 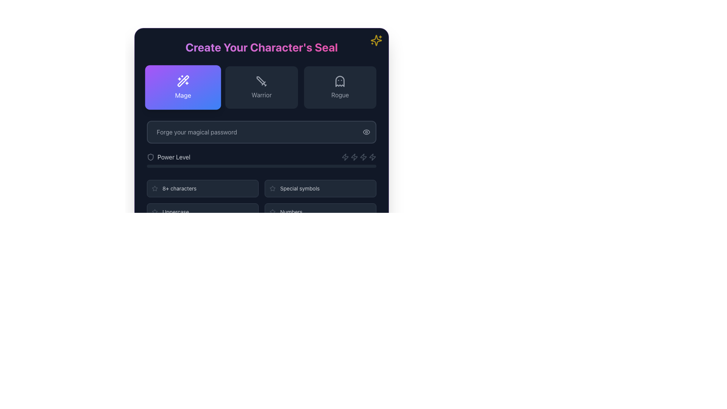 What do you see at coordinates (183, 87) in the screenshot?
I see `the 'Mage' character class selection button for keyboard interaction` at bounding box center [183, 87].